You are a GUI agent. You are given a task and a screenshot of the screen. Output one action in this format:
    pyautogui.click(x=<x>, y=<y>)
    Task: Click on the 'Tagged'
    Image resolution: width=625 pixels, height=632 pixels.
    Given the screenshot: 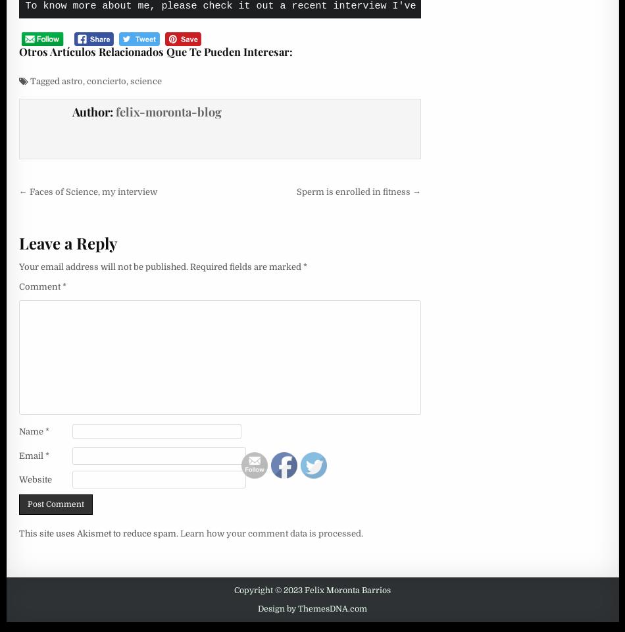 What is the action you would take?
    pyautogui.click(x=27, y=80)
    